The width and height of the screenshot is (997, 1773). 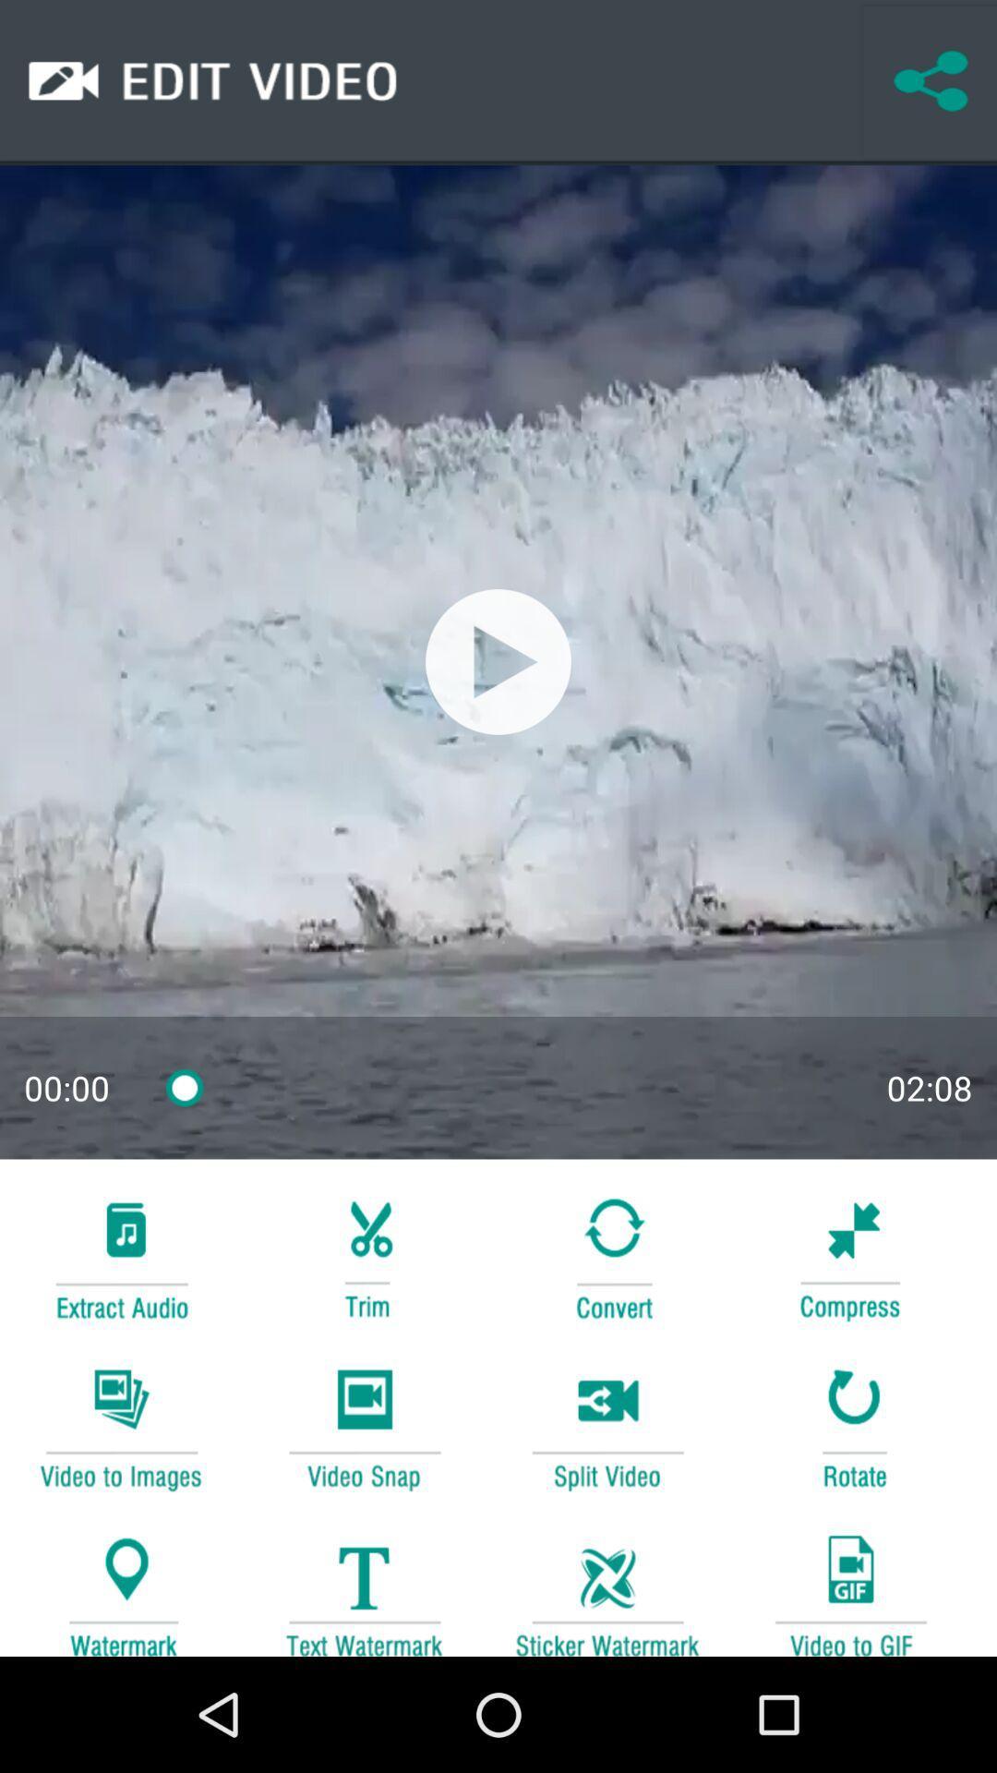 I want to click on option symbol, so click(x=364, y=1256).